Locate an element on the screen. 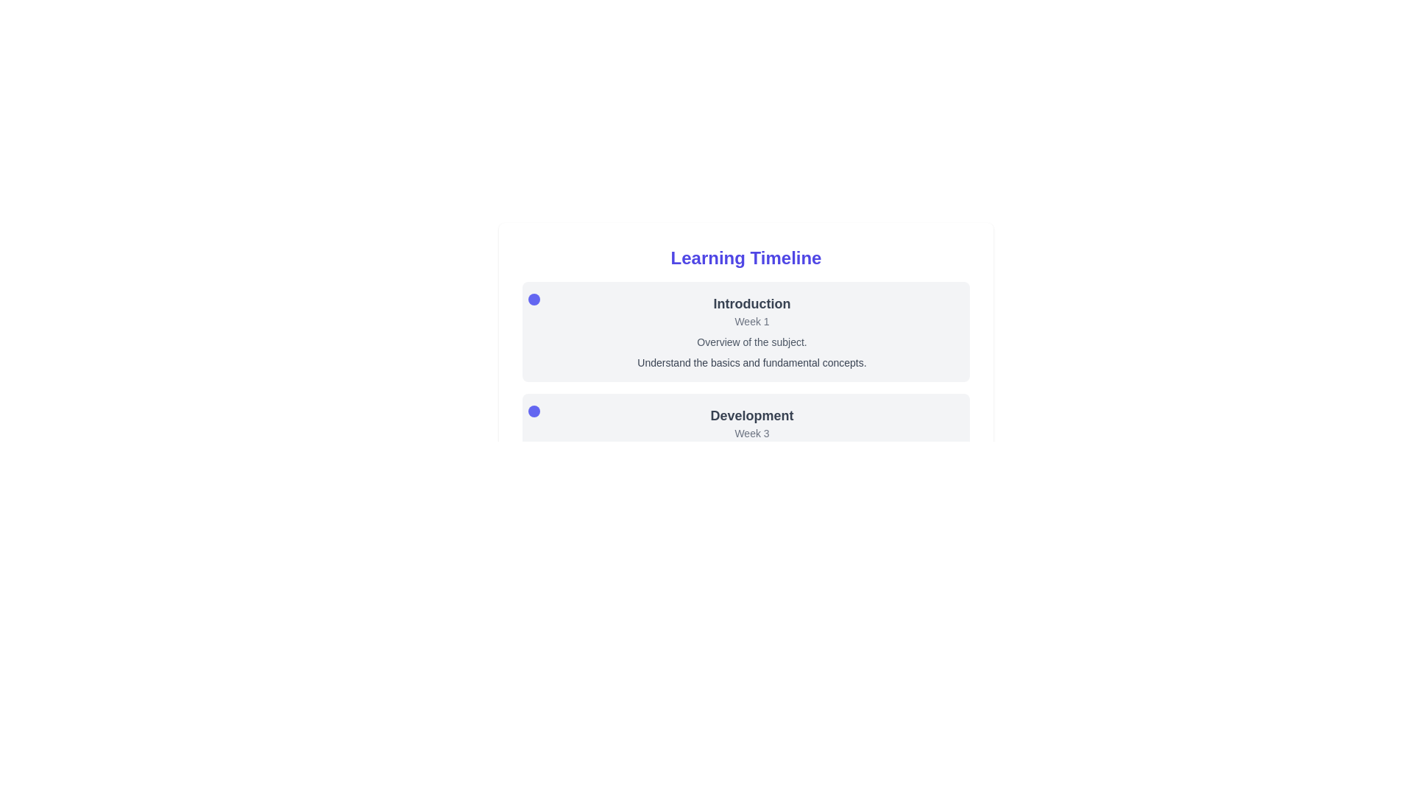 The height and width of the screenshot is (795, 1413). the text element displaying 'Overview of the subject.' which is styled in gray and positioned beneath 'Week 1' is located at coordinates (752, 342).